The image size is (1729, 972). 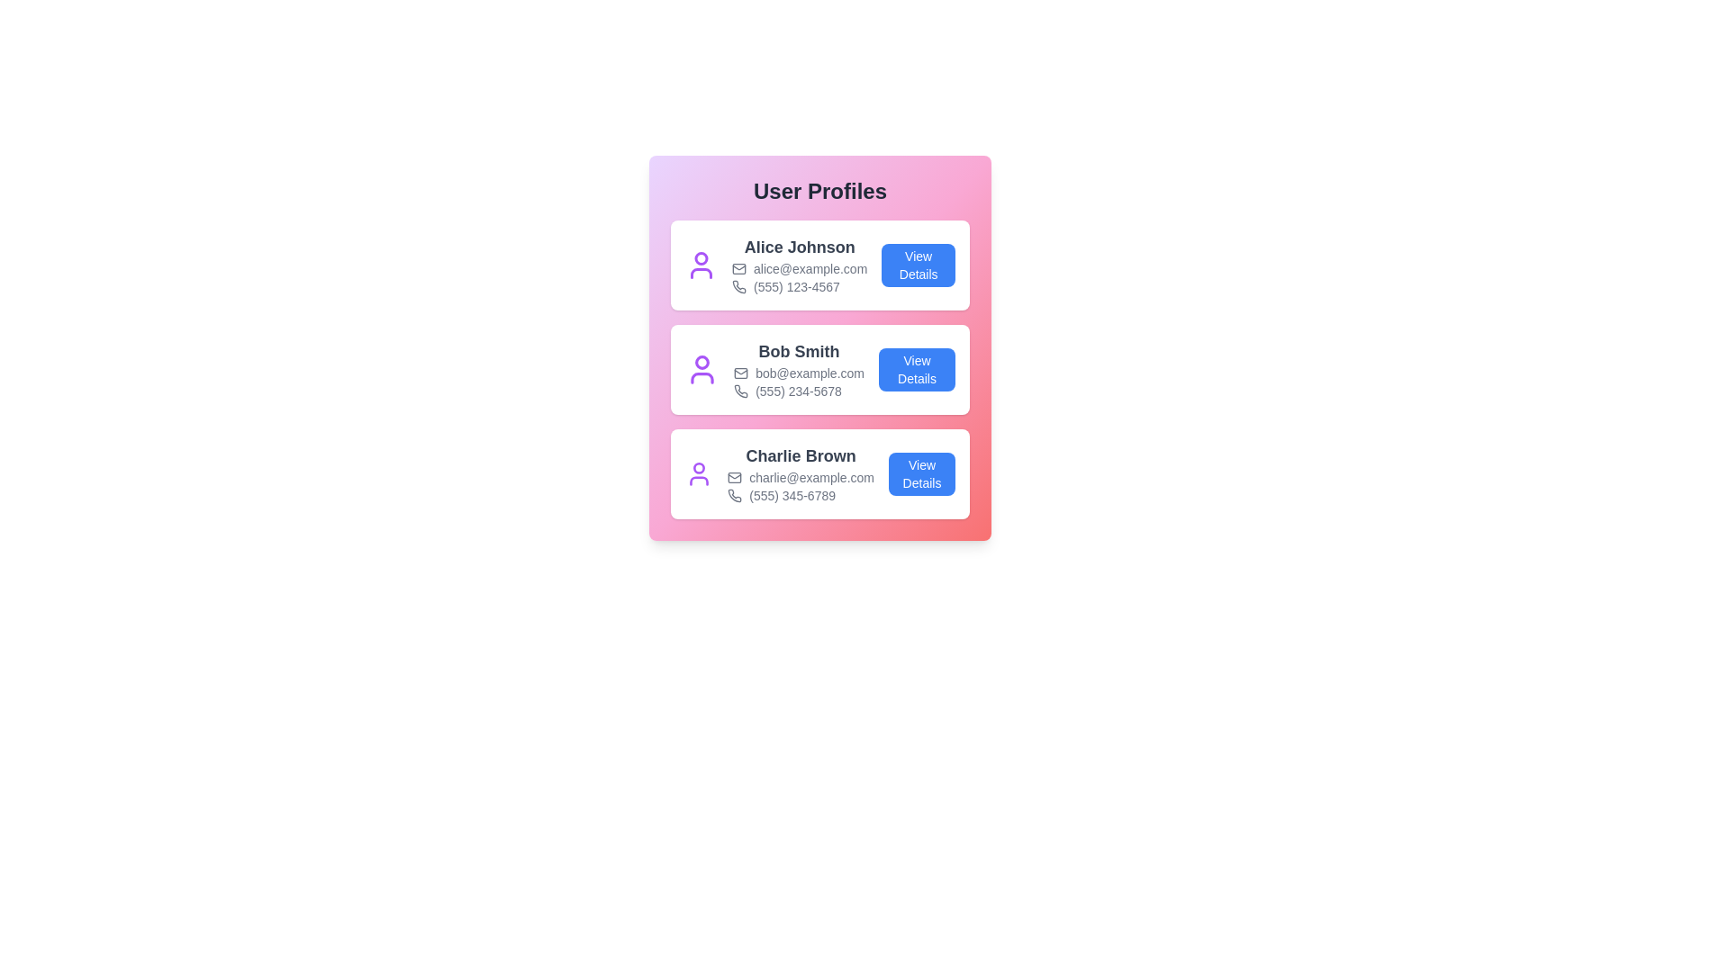 What do you see at coordinates (699, 473) in the screenshot?
I see `the user icon for the user Charlie Brown` at bounding box center [699, 473].